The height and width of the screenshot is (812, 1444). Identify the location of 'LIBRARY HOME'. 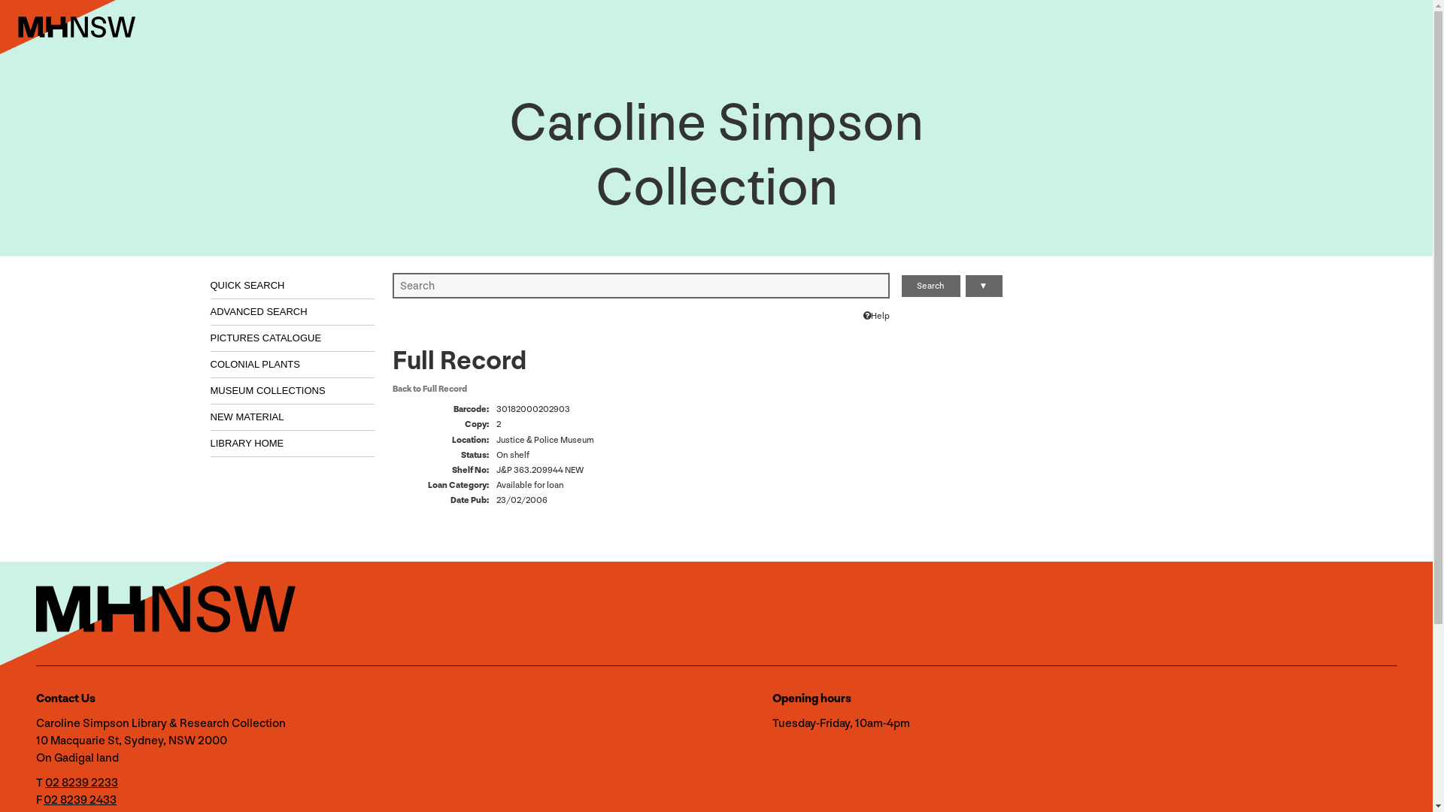
(293, 443).